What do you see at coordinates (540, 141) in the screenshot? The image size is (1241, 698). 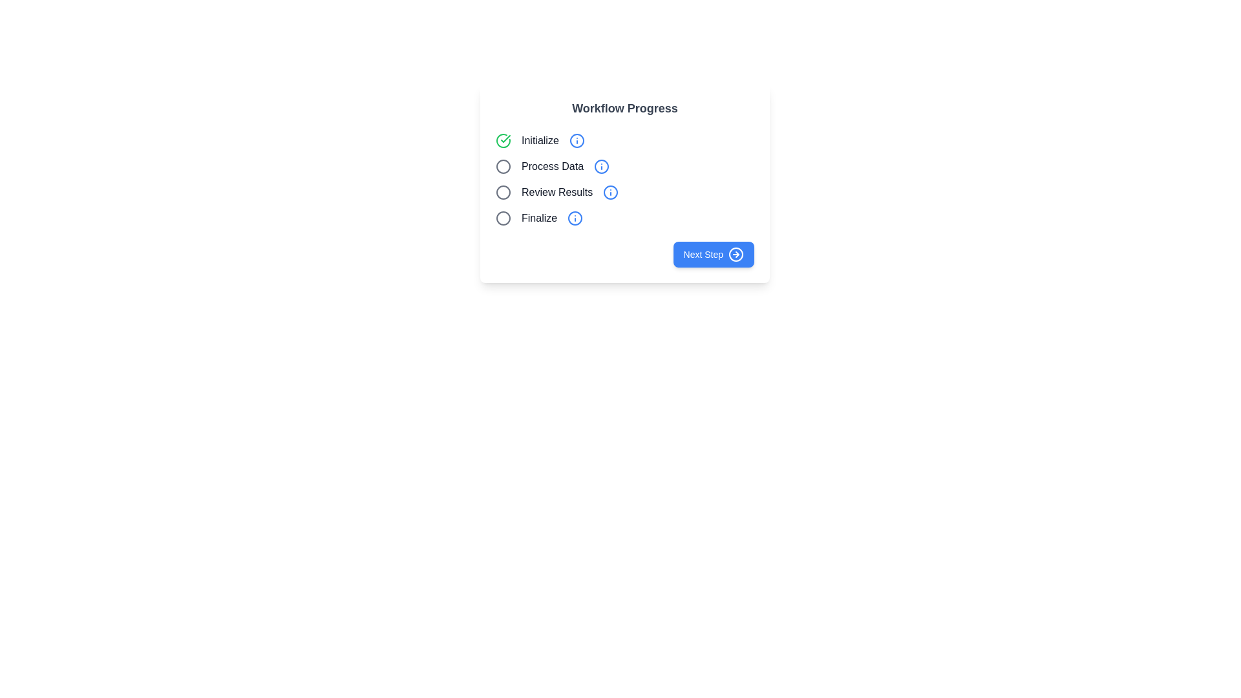 I see `text label indicating the first step in the workflow, positioned to the right of a green checkmark and to the left of a blue info icon` at bounding box center [540, 141].